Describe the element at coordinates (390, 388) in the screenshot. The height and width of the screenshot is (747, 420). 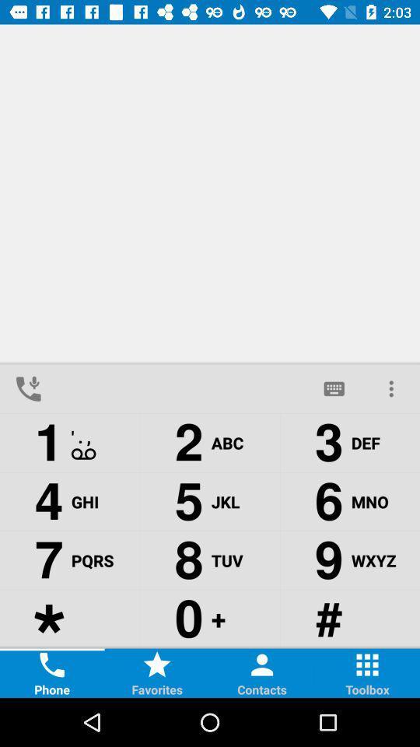
I see `the more icon` at that location.